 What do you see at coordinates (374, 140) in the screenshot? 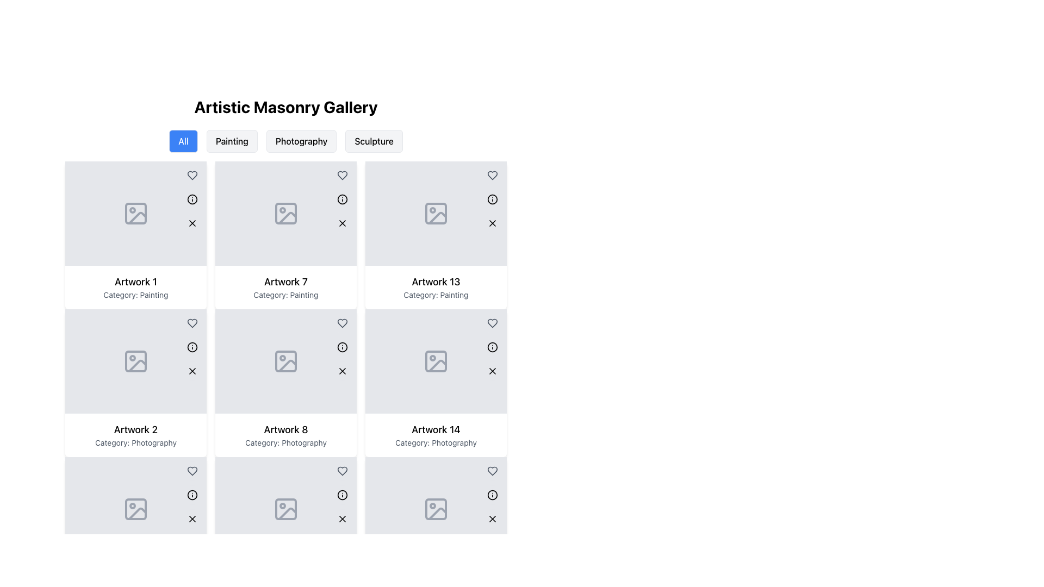
I see `the 'Sculpture' filter button, which is the fourth button in the category selection below the 'Artistic Masonry Gallery' title, to filter the displayed gallery items` at bounding box center [374, 140].